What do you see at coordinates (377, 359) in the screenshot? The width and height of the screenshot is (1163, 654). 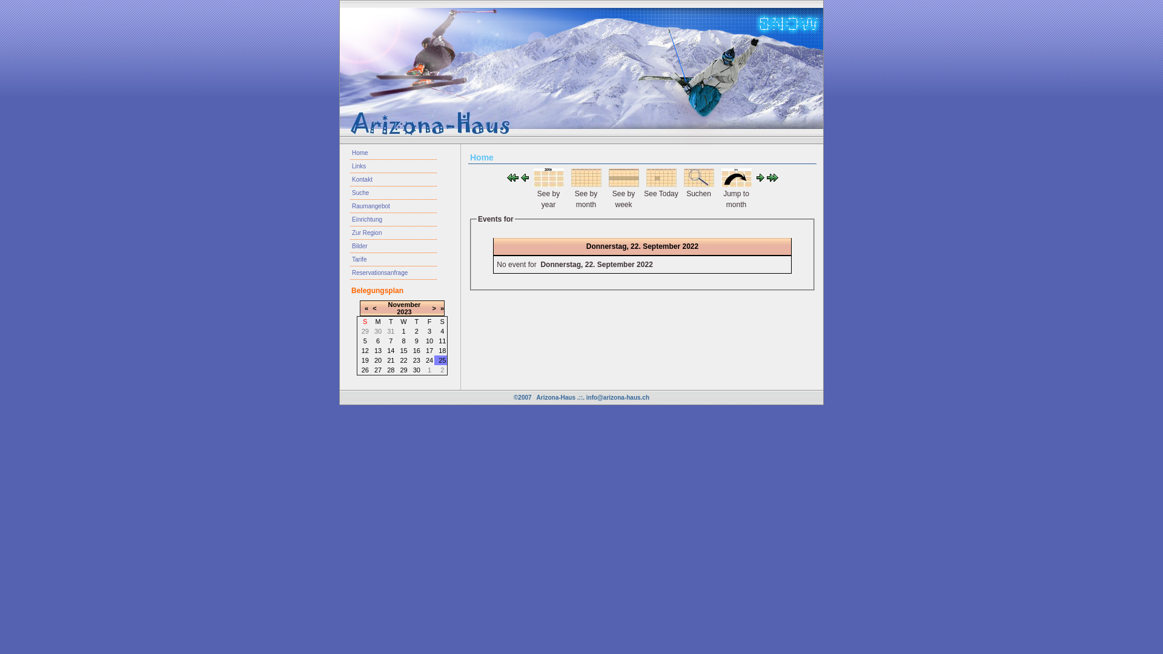 I see `'20'` at bounding box center [377, 359].